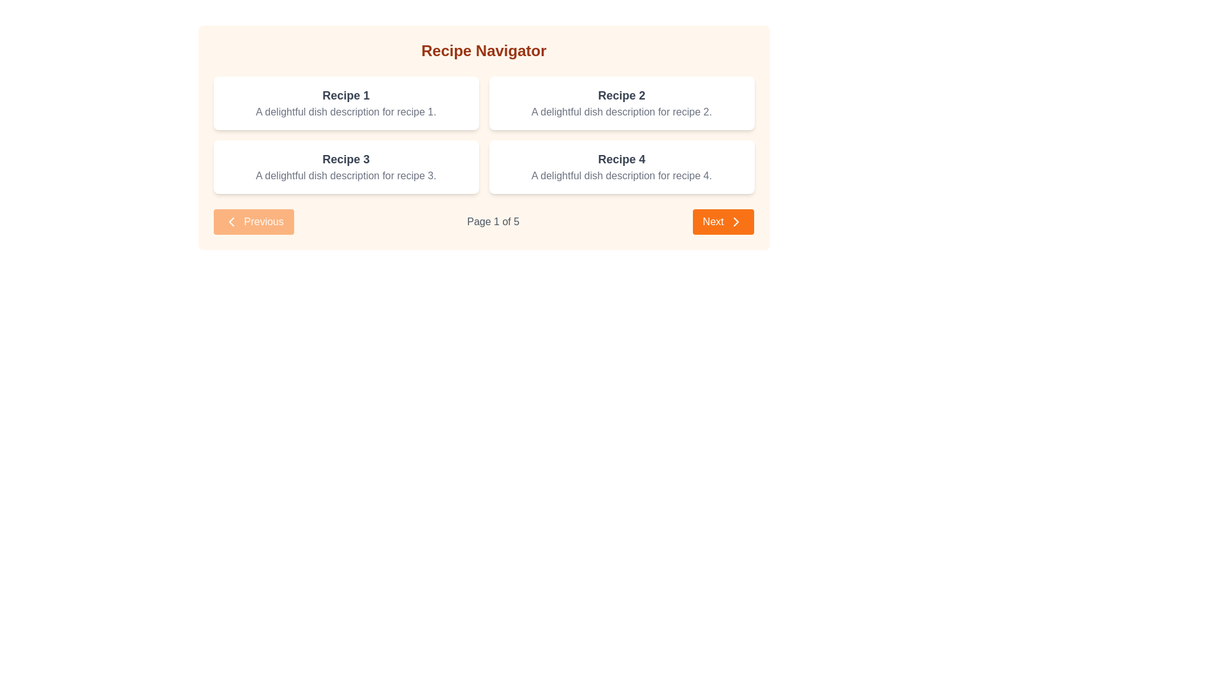 Image resolution: width=1225 pixels, height=689 pixels. Describe the element at coordinates (621, 95) in the screenshot. I see `the title text label for the second recipe in the 'Recipe Navigator' interface, located in the top-right quadrant of the grid layout` at that location.